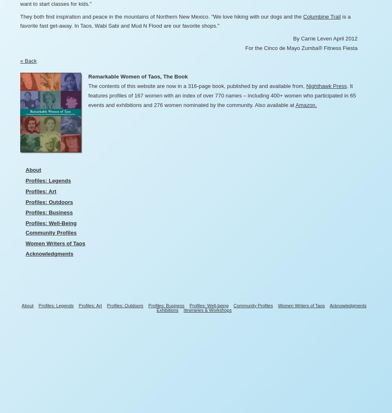  Describe the element at coordinates (321, 16) in the screenshot. I see `'Columbine Trail'` at that location.